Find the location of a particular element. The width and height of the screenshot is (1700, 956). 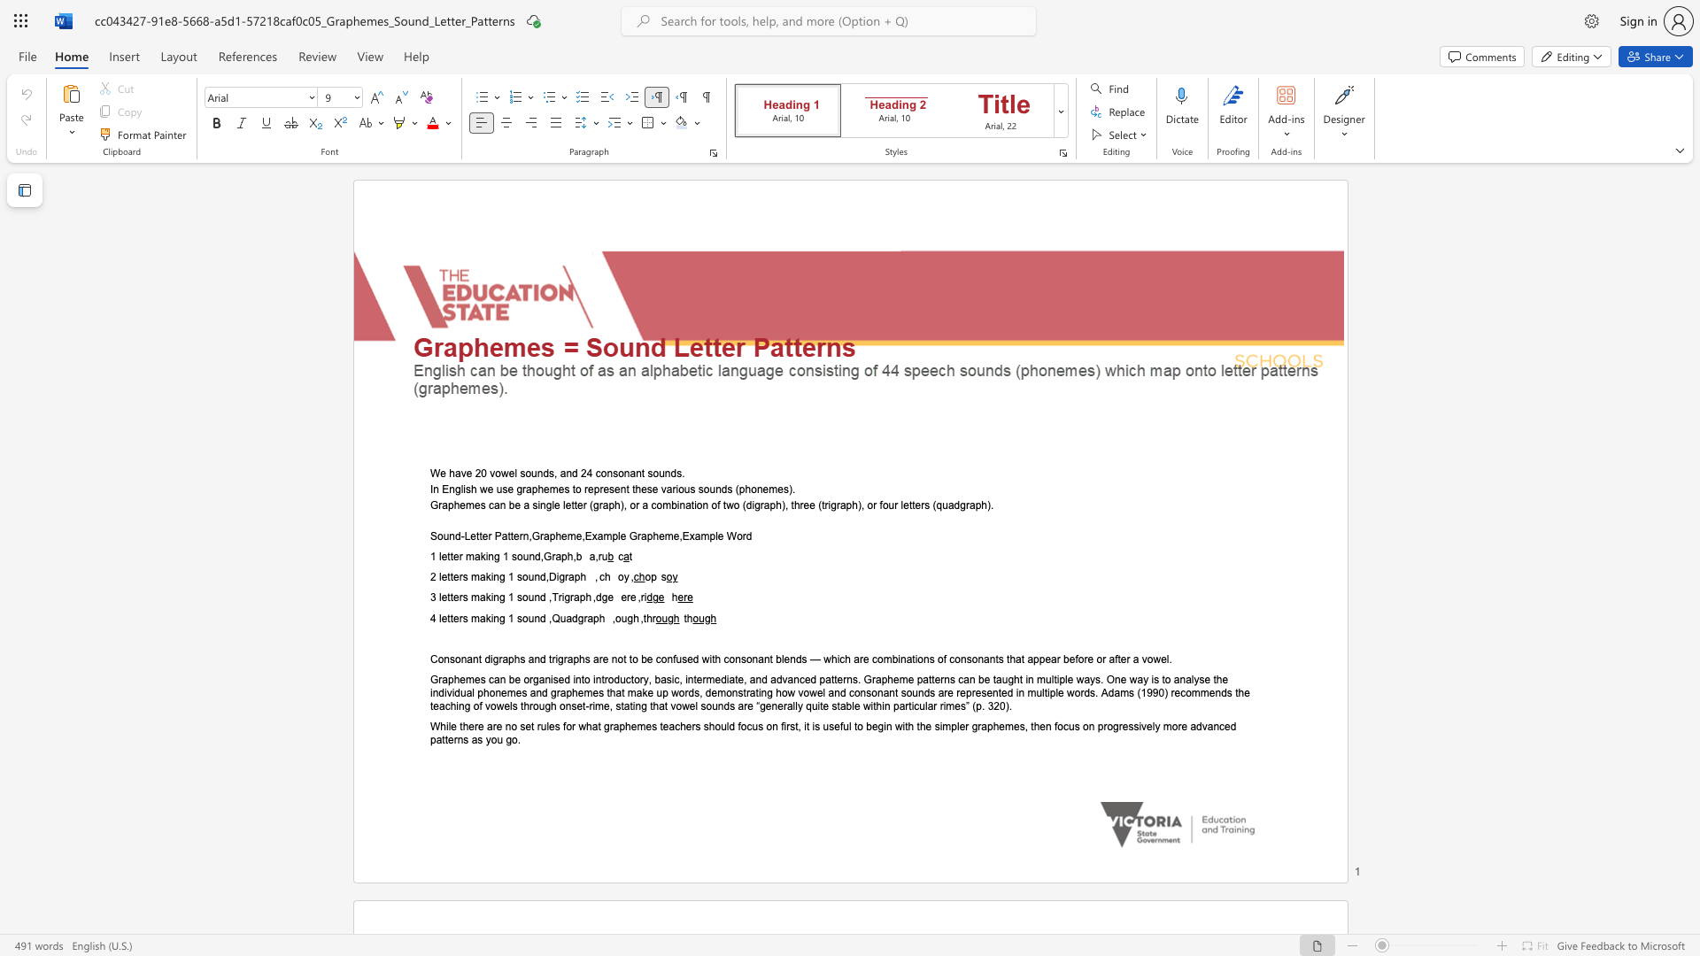

the subset text "o represent these various sounds (" within the text "In English we use graphemes to represent these various sounds (phonemes)." is located at coordinates (576, 489).